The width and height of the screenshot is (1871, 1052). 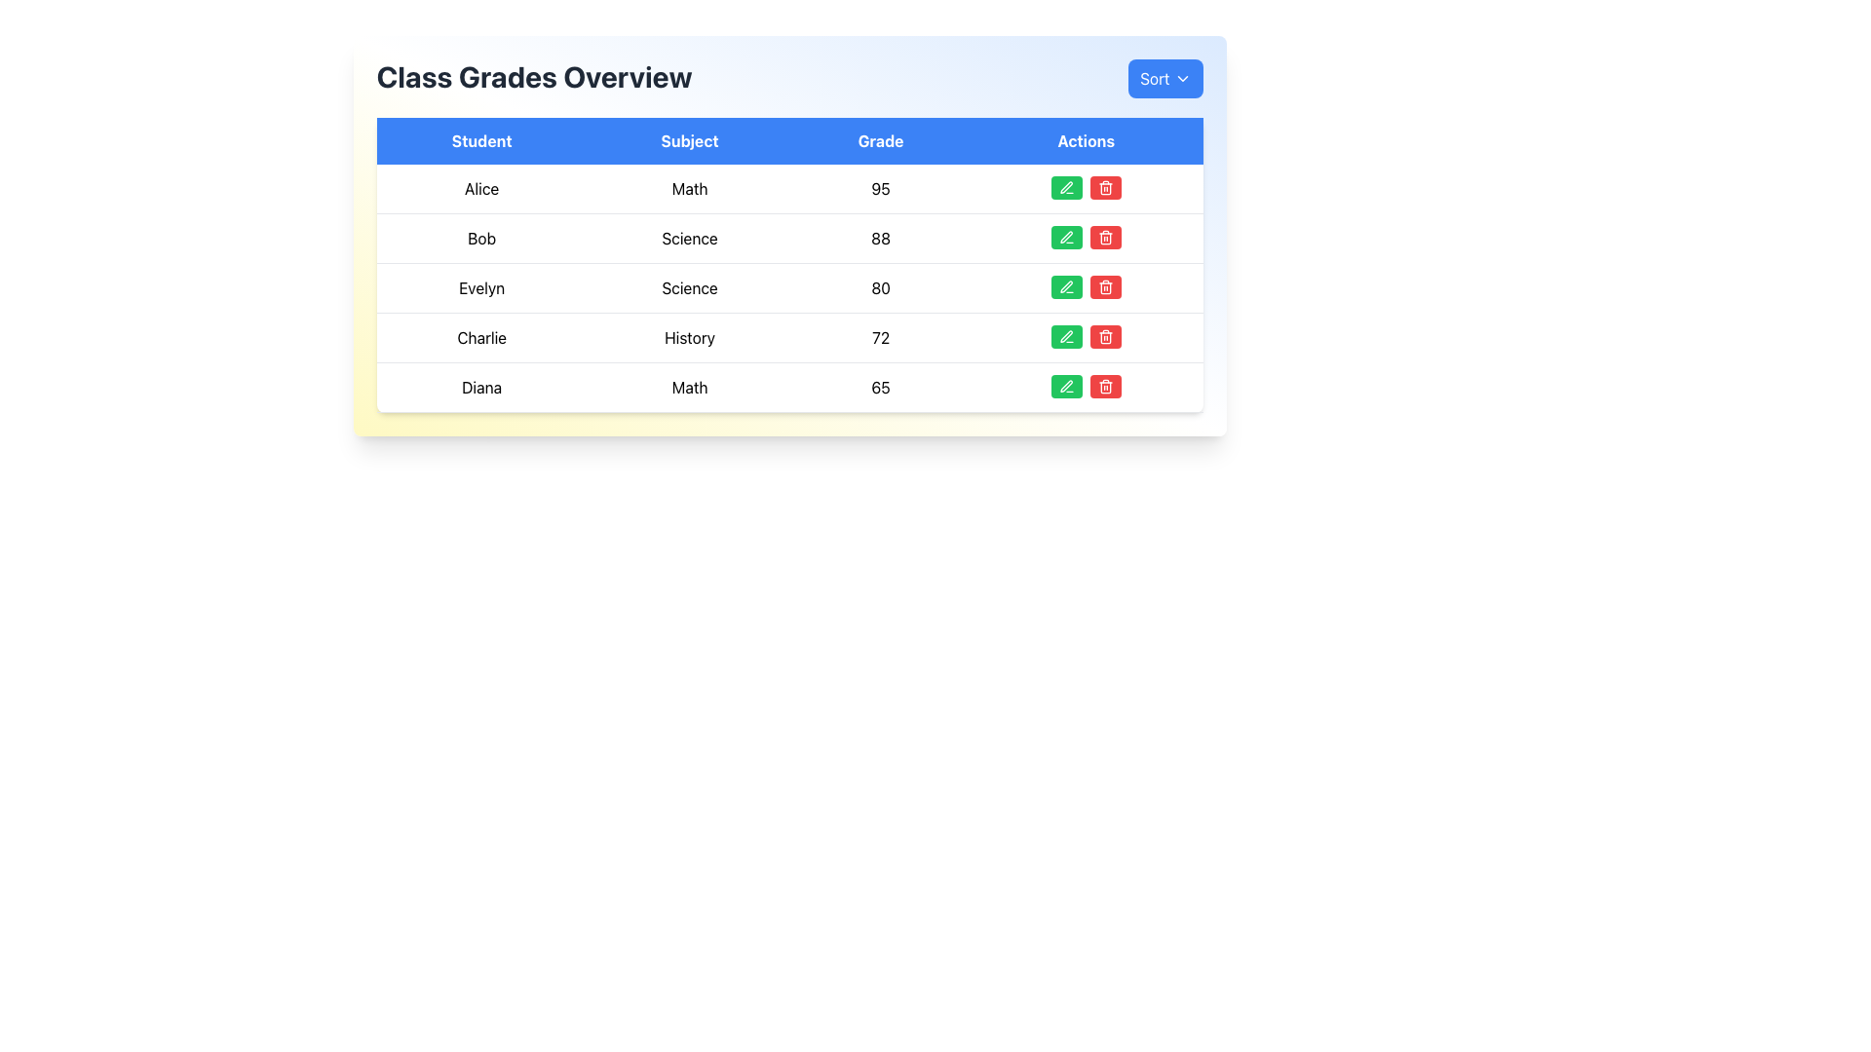 I want to click on the edit button located in the 'Actions' column of Diana's row to initiate edit mode for her Math grade, so click(x=1065, y=387).